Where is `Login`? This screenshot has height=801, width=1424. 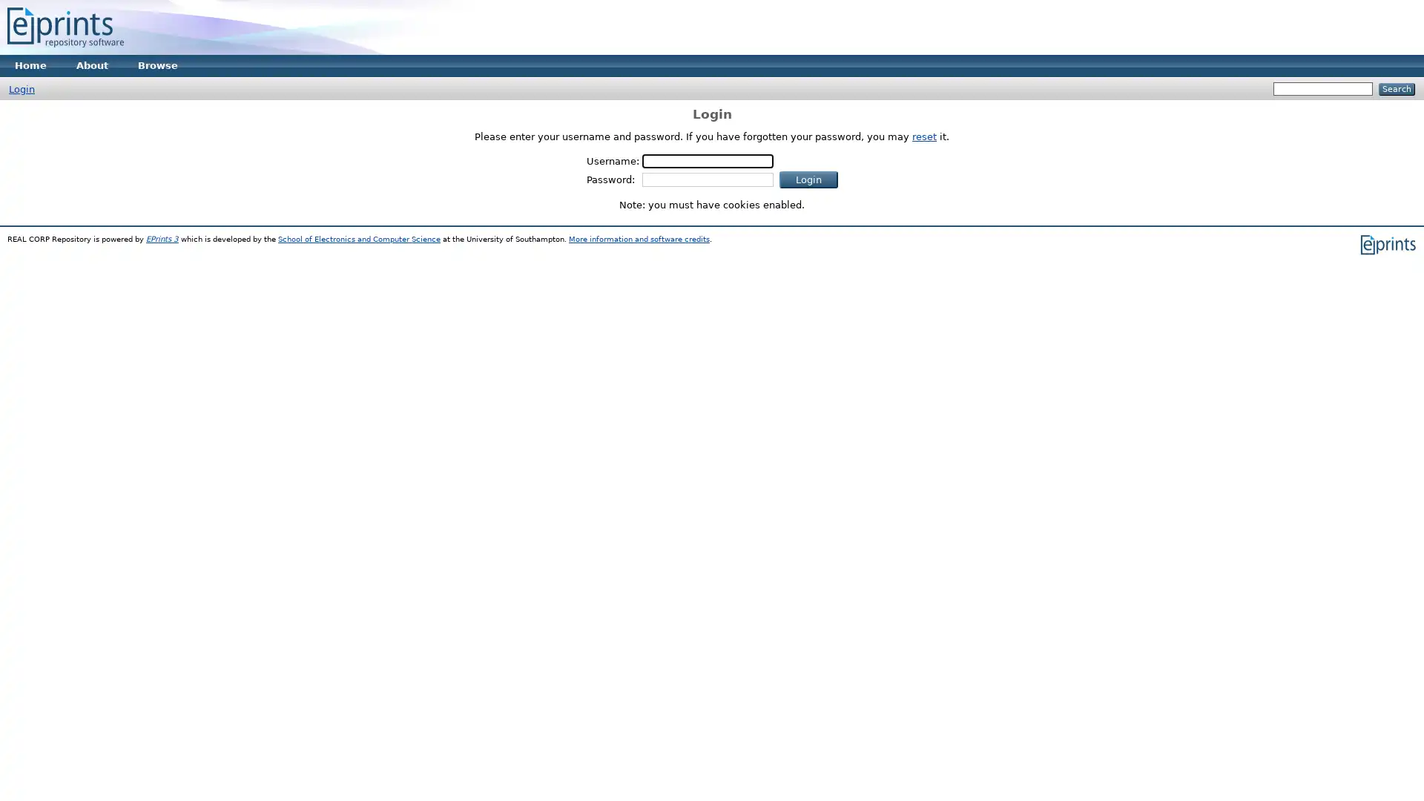 Login is located at coordinates (807, 178).